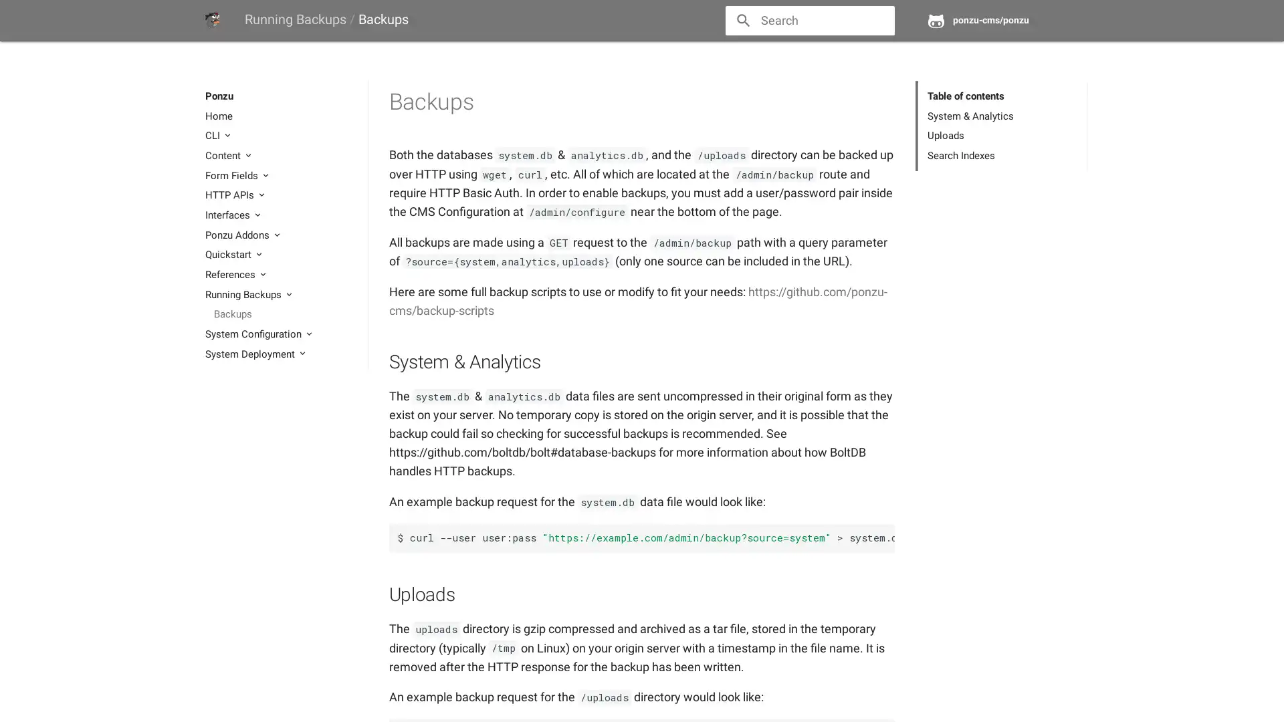 This screenshot has width=1284, height=722. Describe the element at coordinates (877, 20) in the screenshot. I see `close` at that location.